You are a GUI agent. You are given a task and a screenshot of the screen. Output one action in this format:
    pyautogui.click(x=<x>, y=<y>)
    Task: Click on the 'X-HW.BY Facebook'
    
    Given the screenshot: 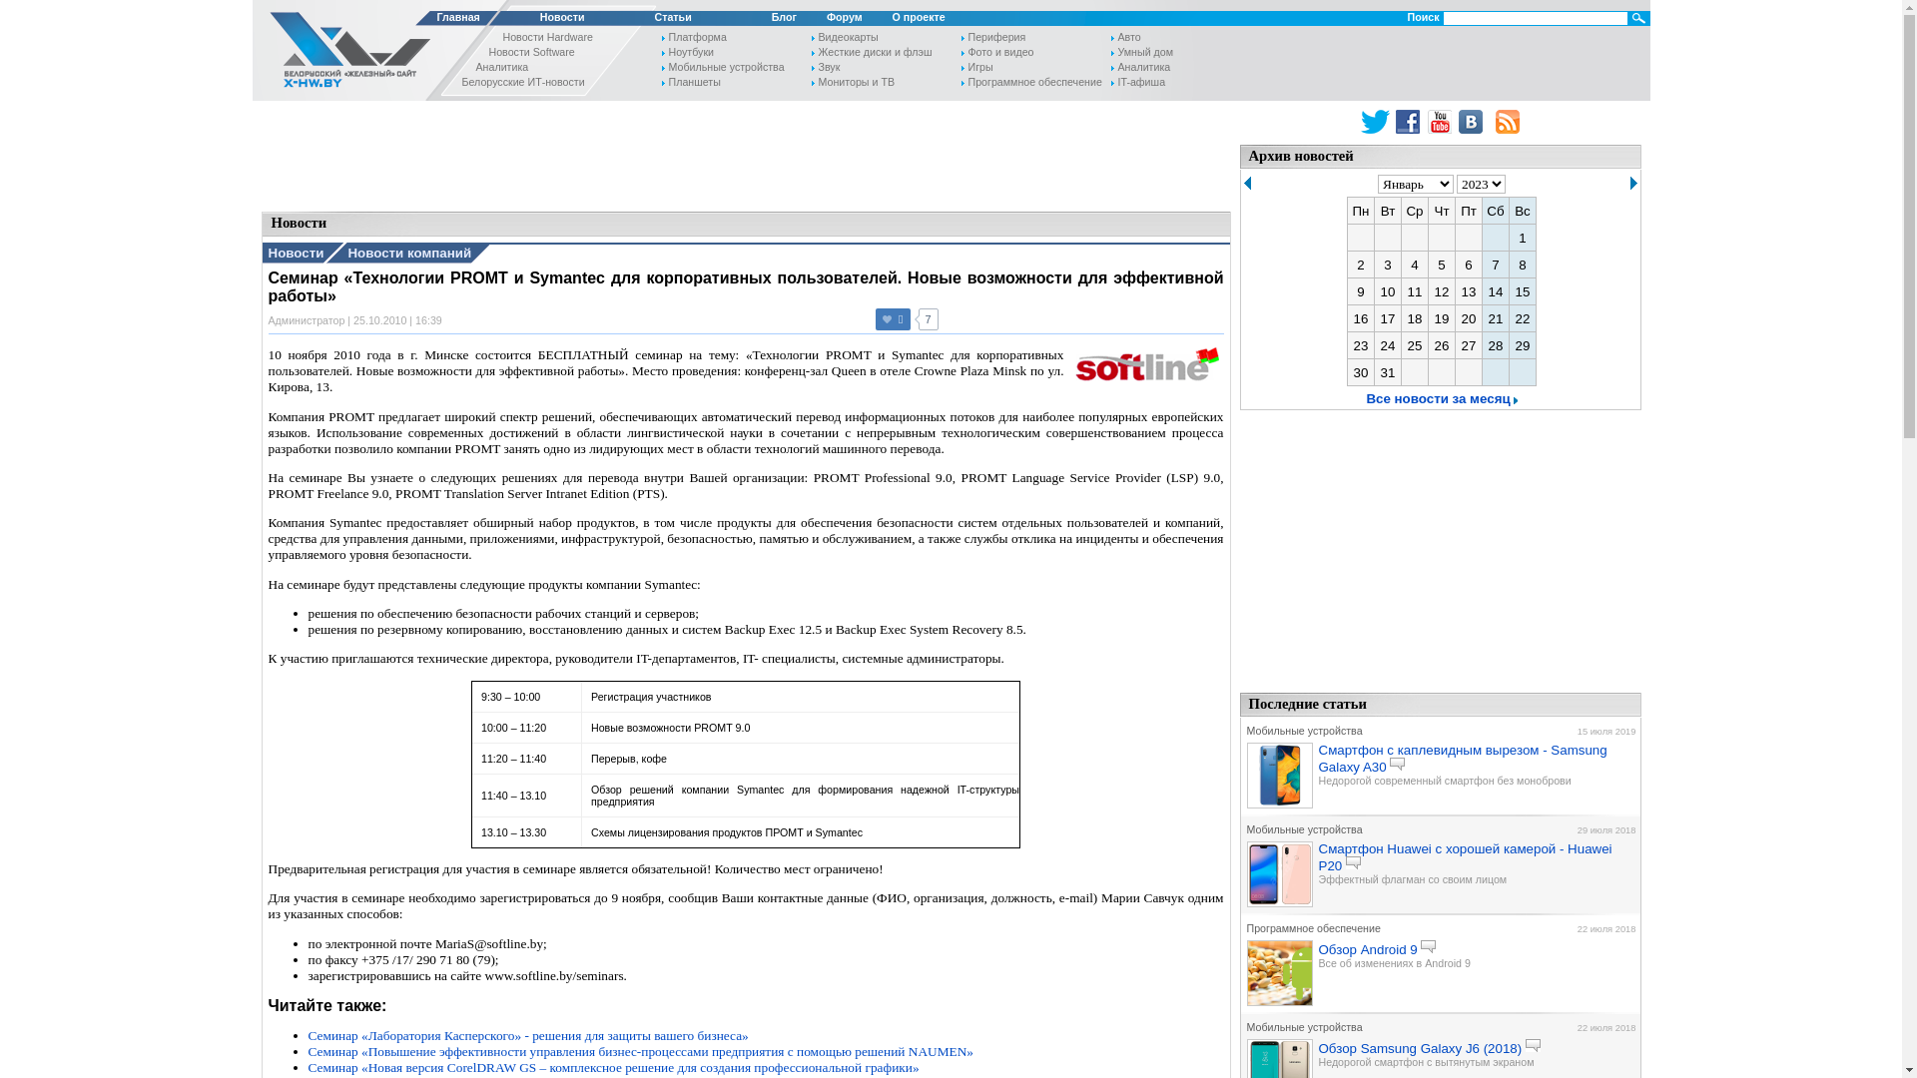 What is the action you would take?
    pyautogui.click(x=1394, y=122)
    